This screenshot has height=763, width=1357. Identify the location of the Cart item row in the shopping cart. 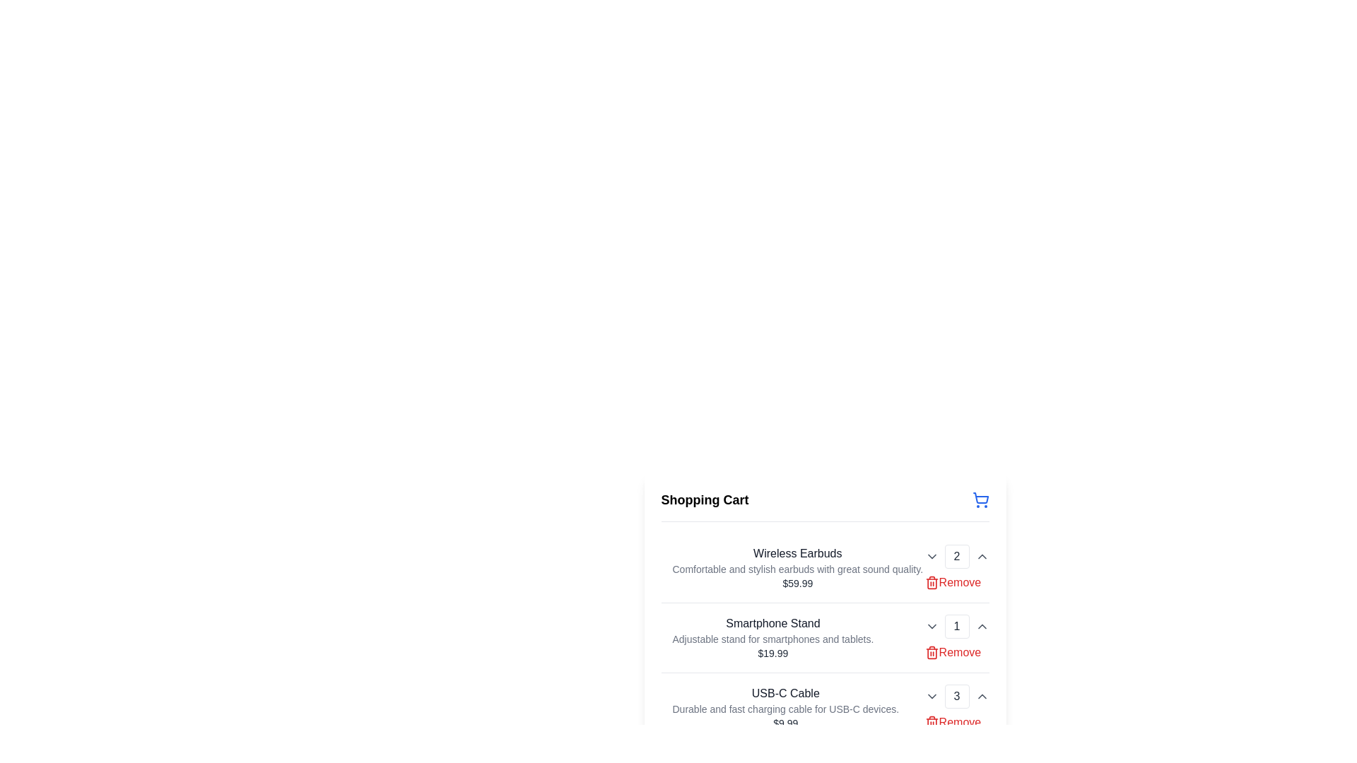
(825, 637).